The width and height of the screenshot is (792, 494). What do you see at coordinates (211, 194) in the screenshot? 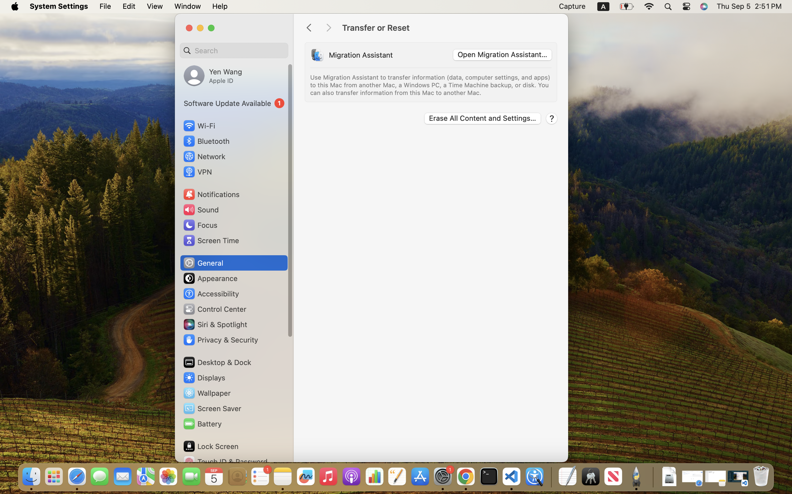
I see `'Notifications'` at bounding box center [211, 194].